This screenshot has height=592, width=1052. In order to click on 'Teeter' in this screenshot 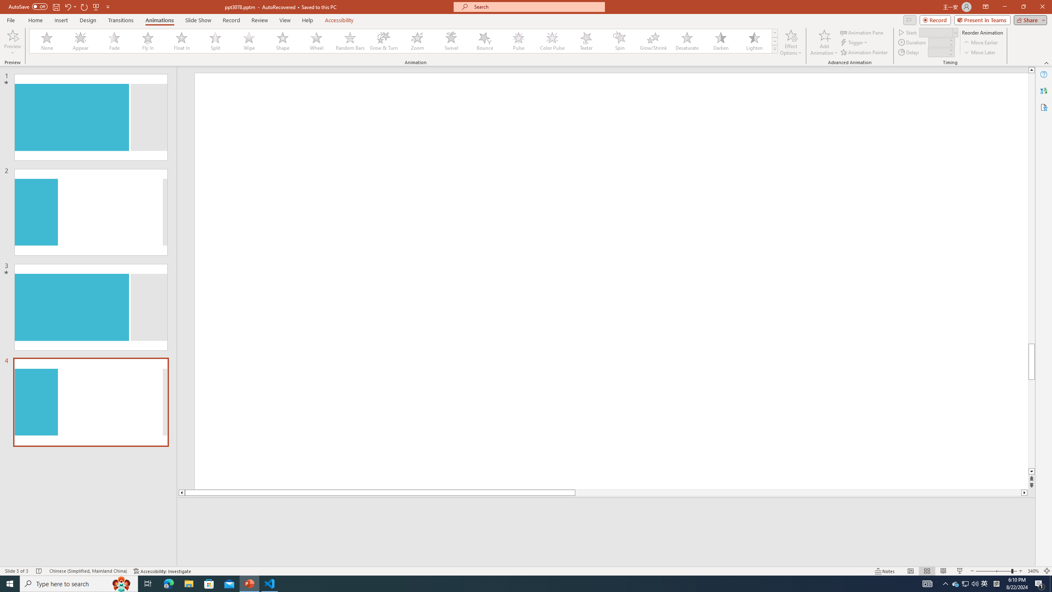, I will do `click(585, 41)`.